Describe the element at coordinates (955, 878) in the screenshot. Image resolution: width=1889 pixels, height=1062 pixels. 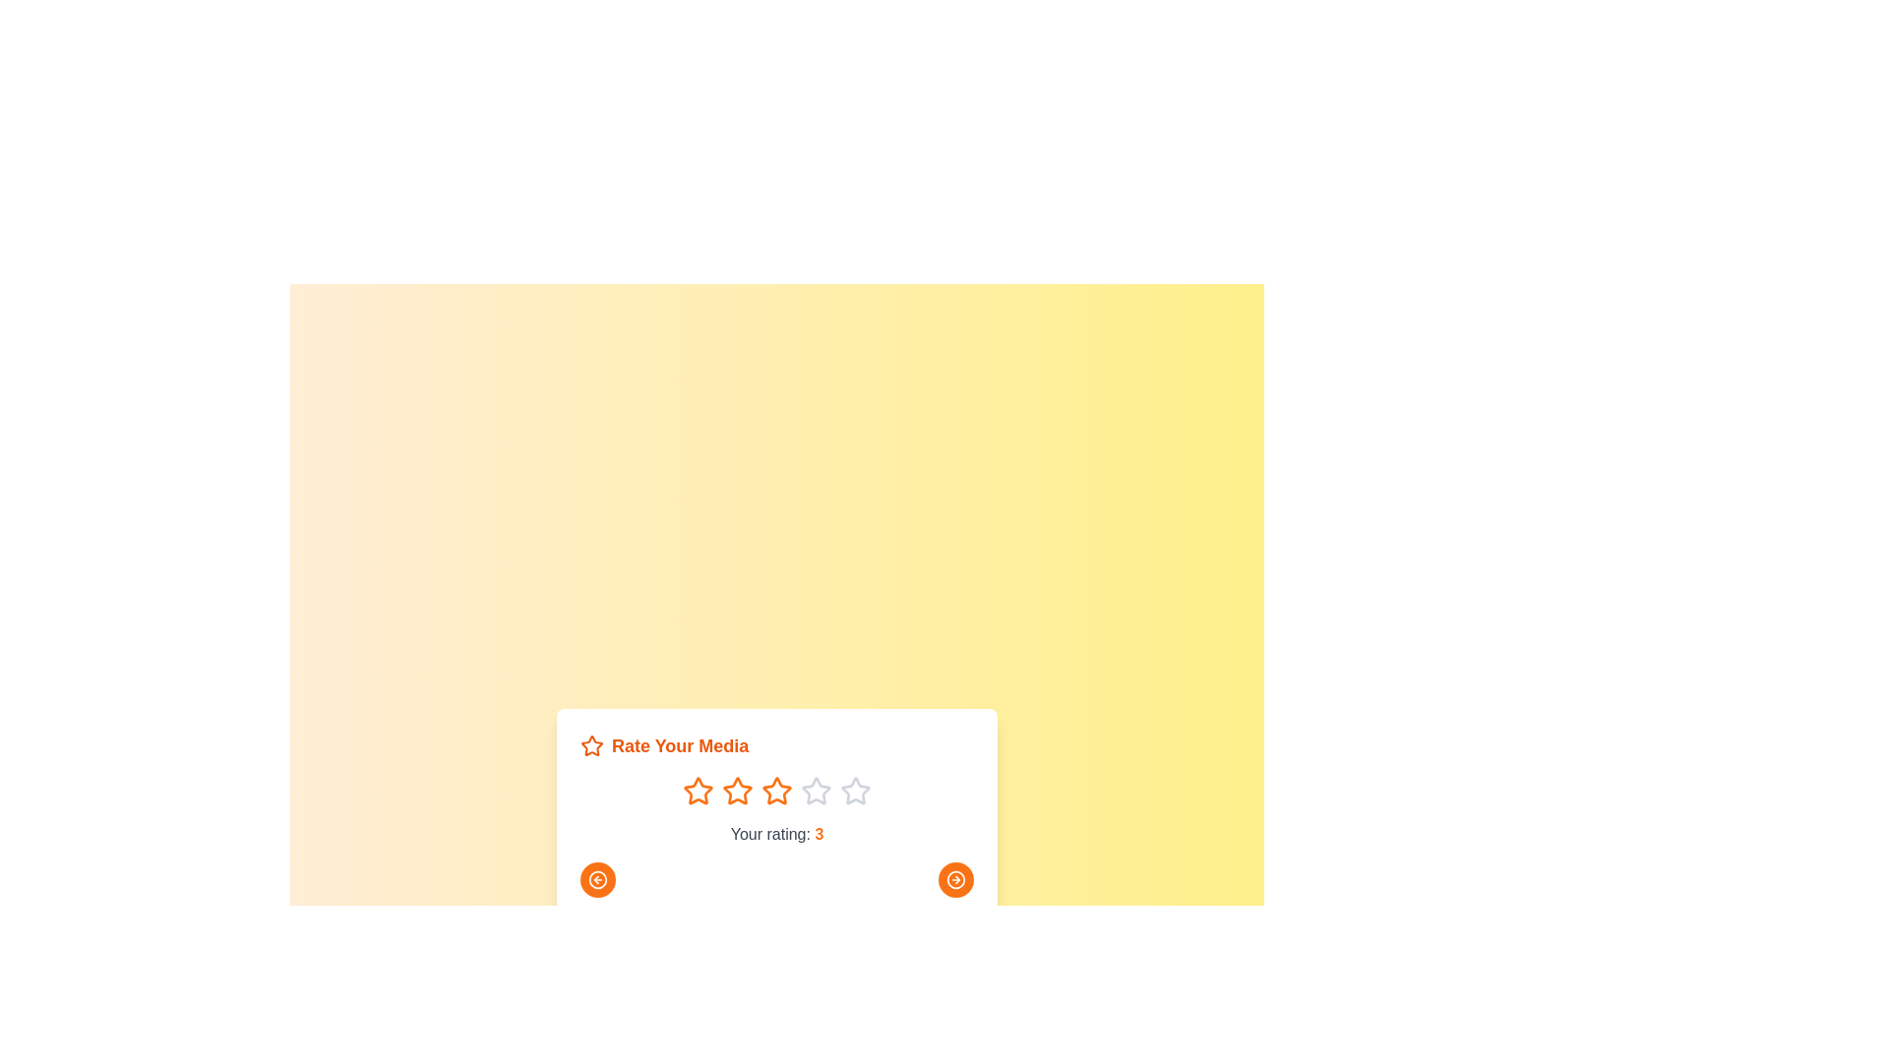
I see `right arrow button to navigate to the next media item` at that location.